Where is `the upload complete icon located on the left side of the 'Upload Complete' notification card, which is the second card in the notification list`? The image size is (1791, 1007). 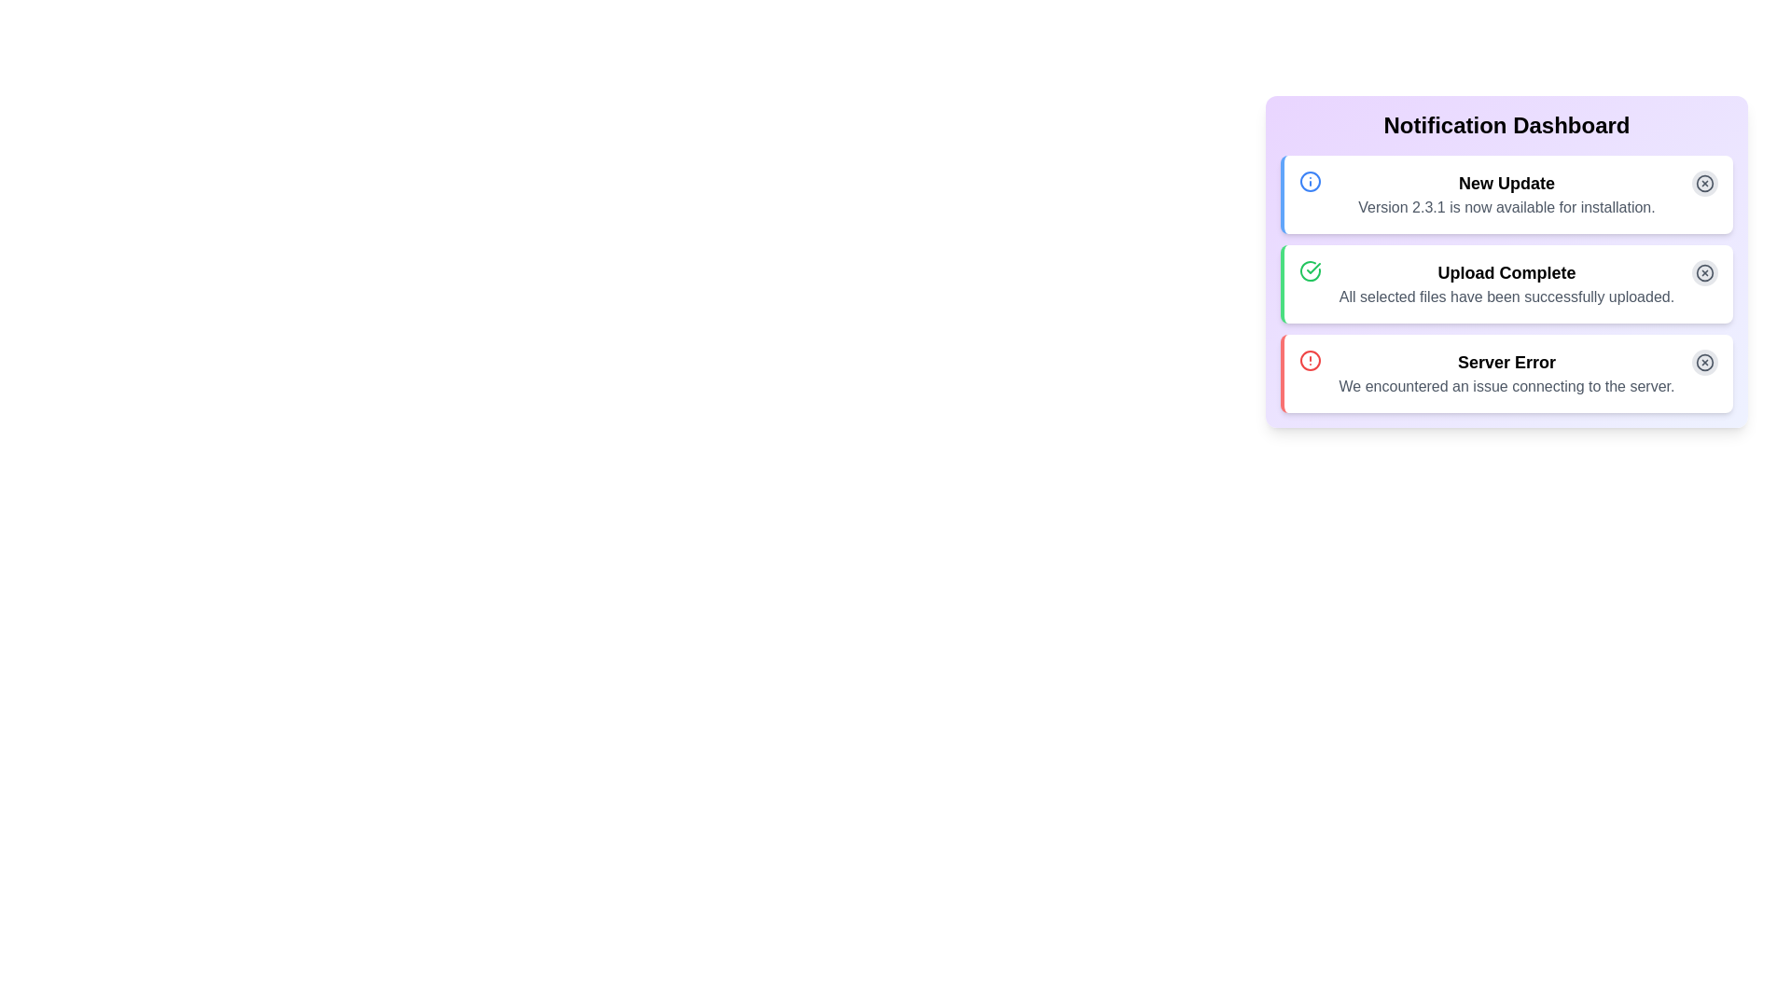
the upload complete icon located on the left side of the 'Upload Complete' notification card, which is the second card in the notification list is located at coordinates (1310, 270).